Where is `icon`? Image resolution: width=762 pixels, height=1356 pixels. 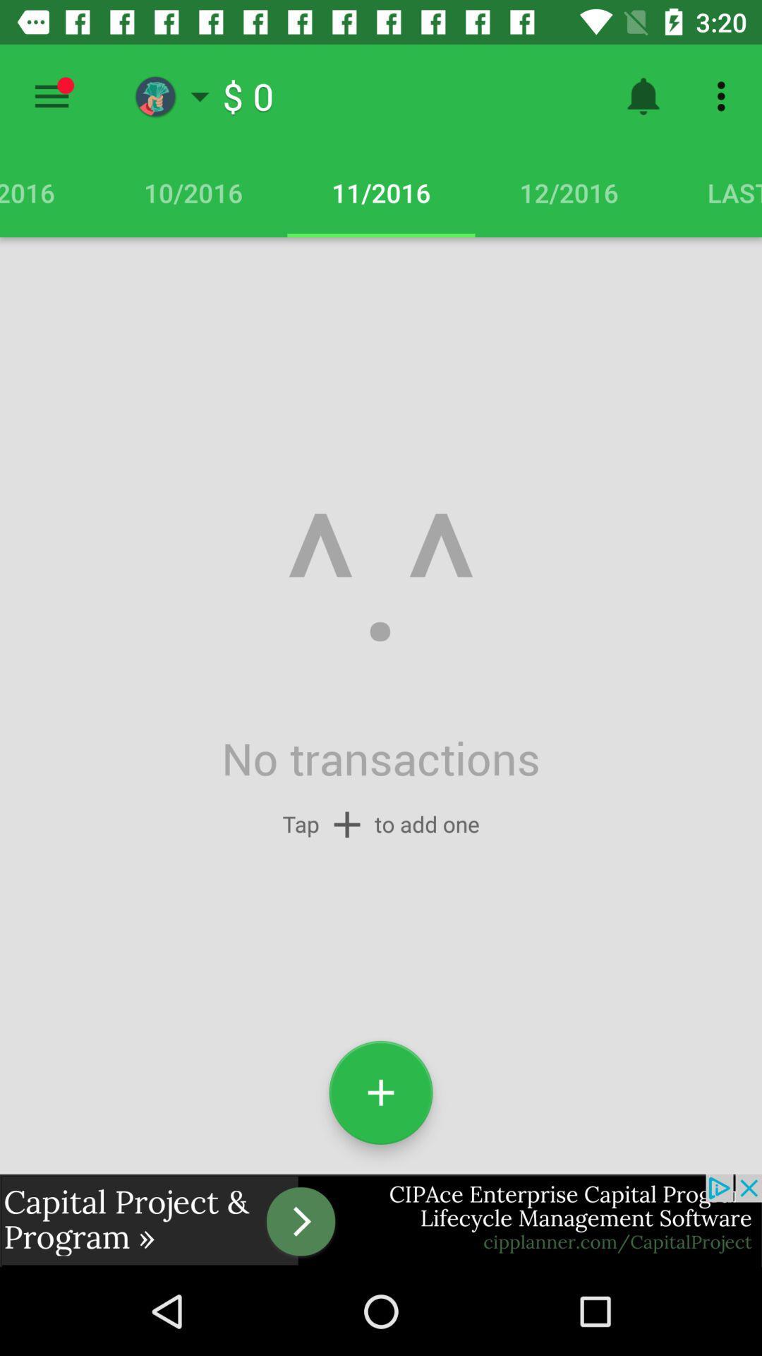
icon is located at coordinates (381, 1092).